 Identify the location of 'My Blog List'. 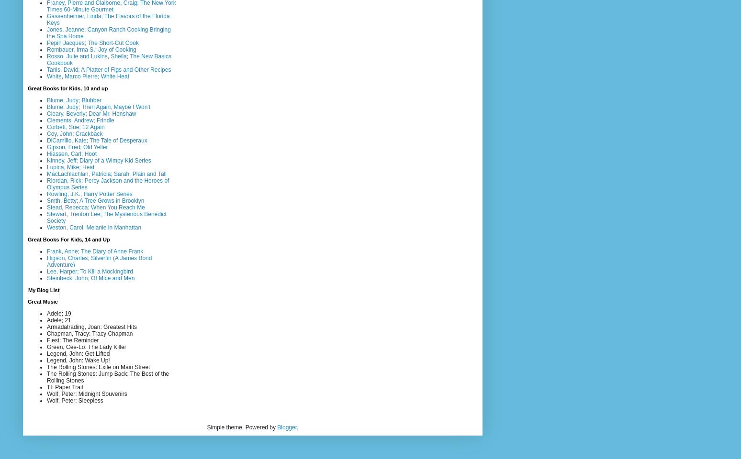
(27, 289).